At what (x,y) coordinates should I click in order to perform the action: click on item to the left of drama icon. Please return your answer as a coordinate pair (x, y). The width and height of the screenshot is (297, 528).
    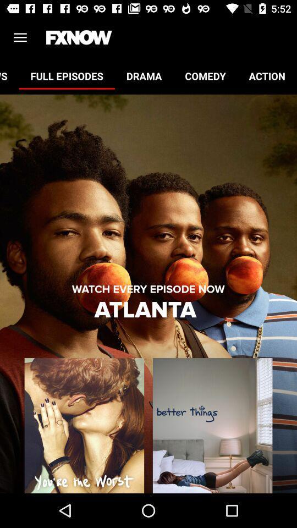
    Looking at the image, I should click on (67, 75).